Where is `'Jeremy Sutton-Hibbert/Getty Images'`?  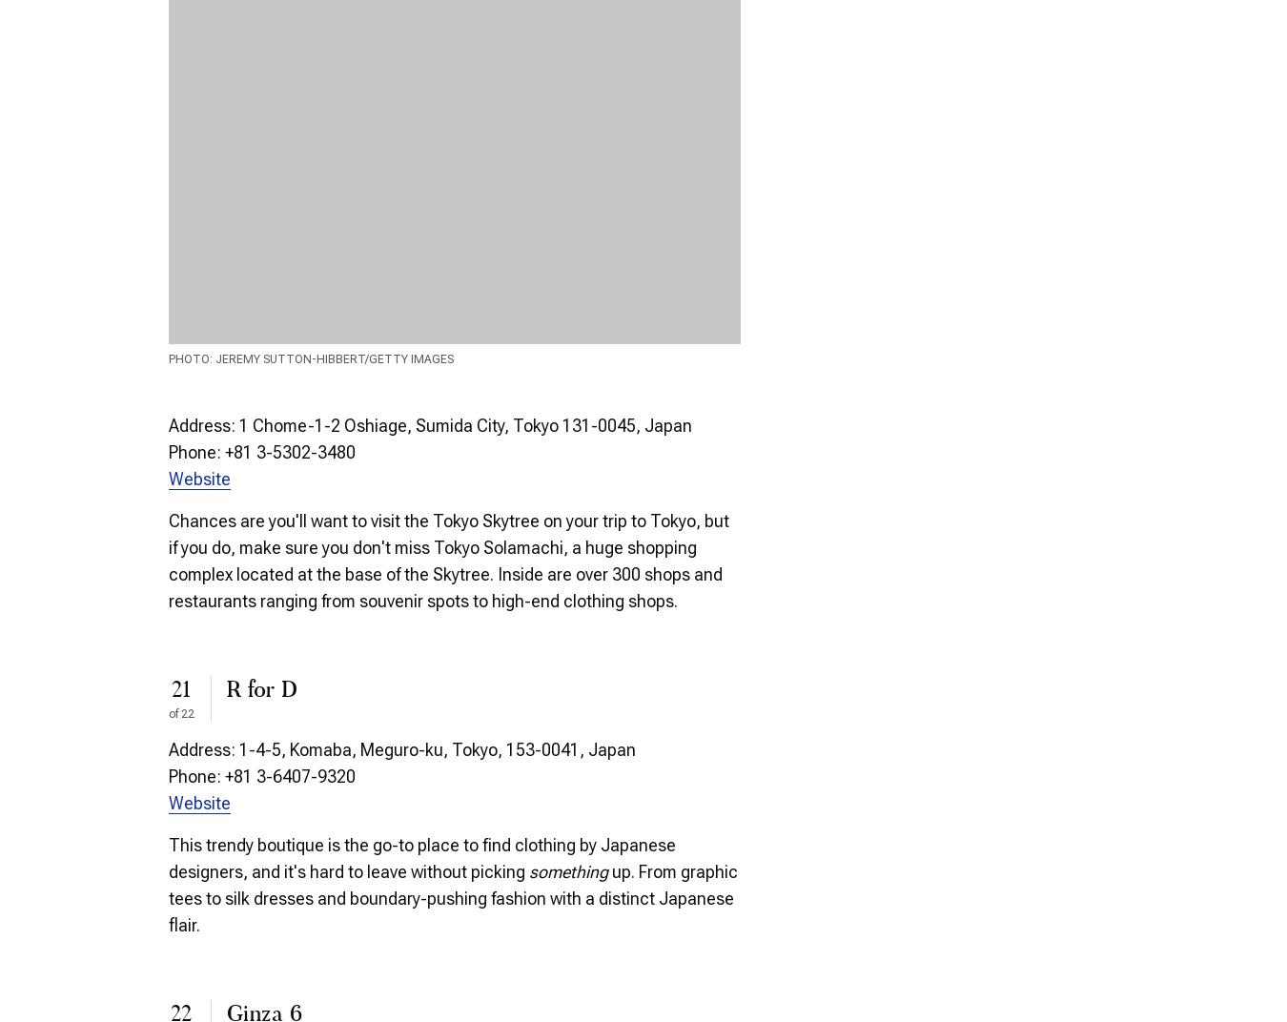
'Jeremy Sutton-Hibbert/Getty Images' is located at coordinates (214, 359).